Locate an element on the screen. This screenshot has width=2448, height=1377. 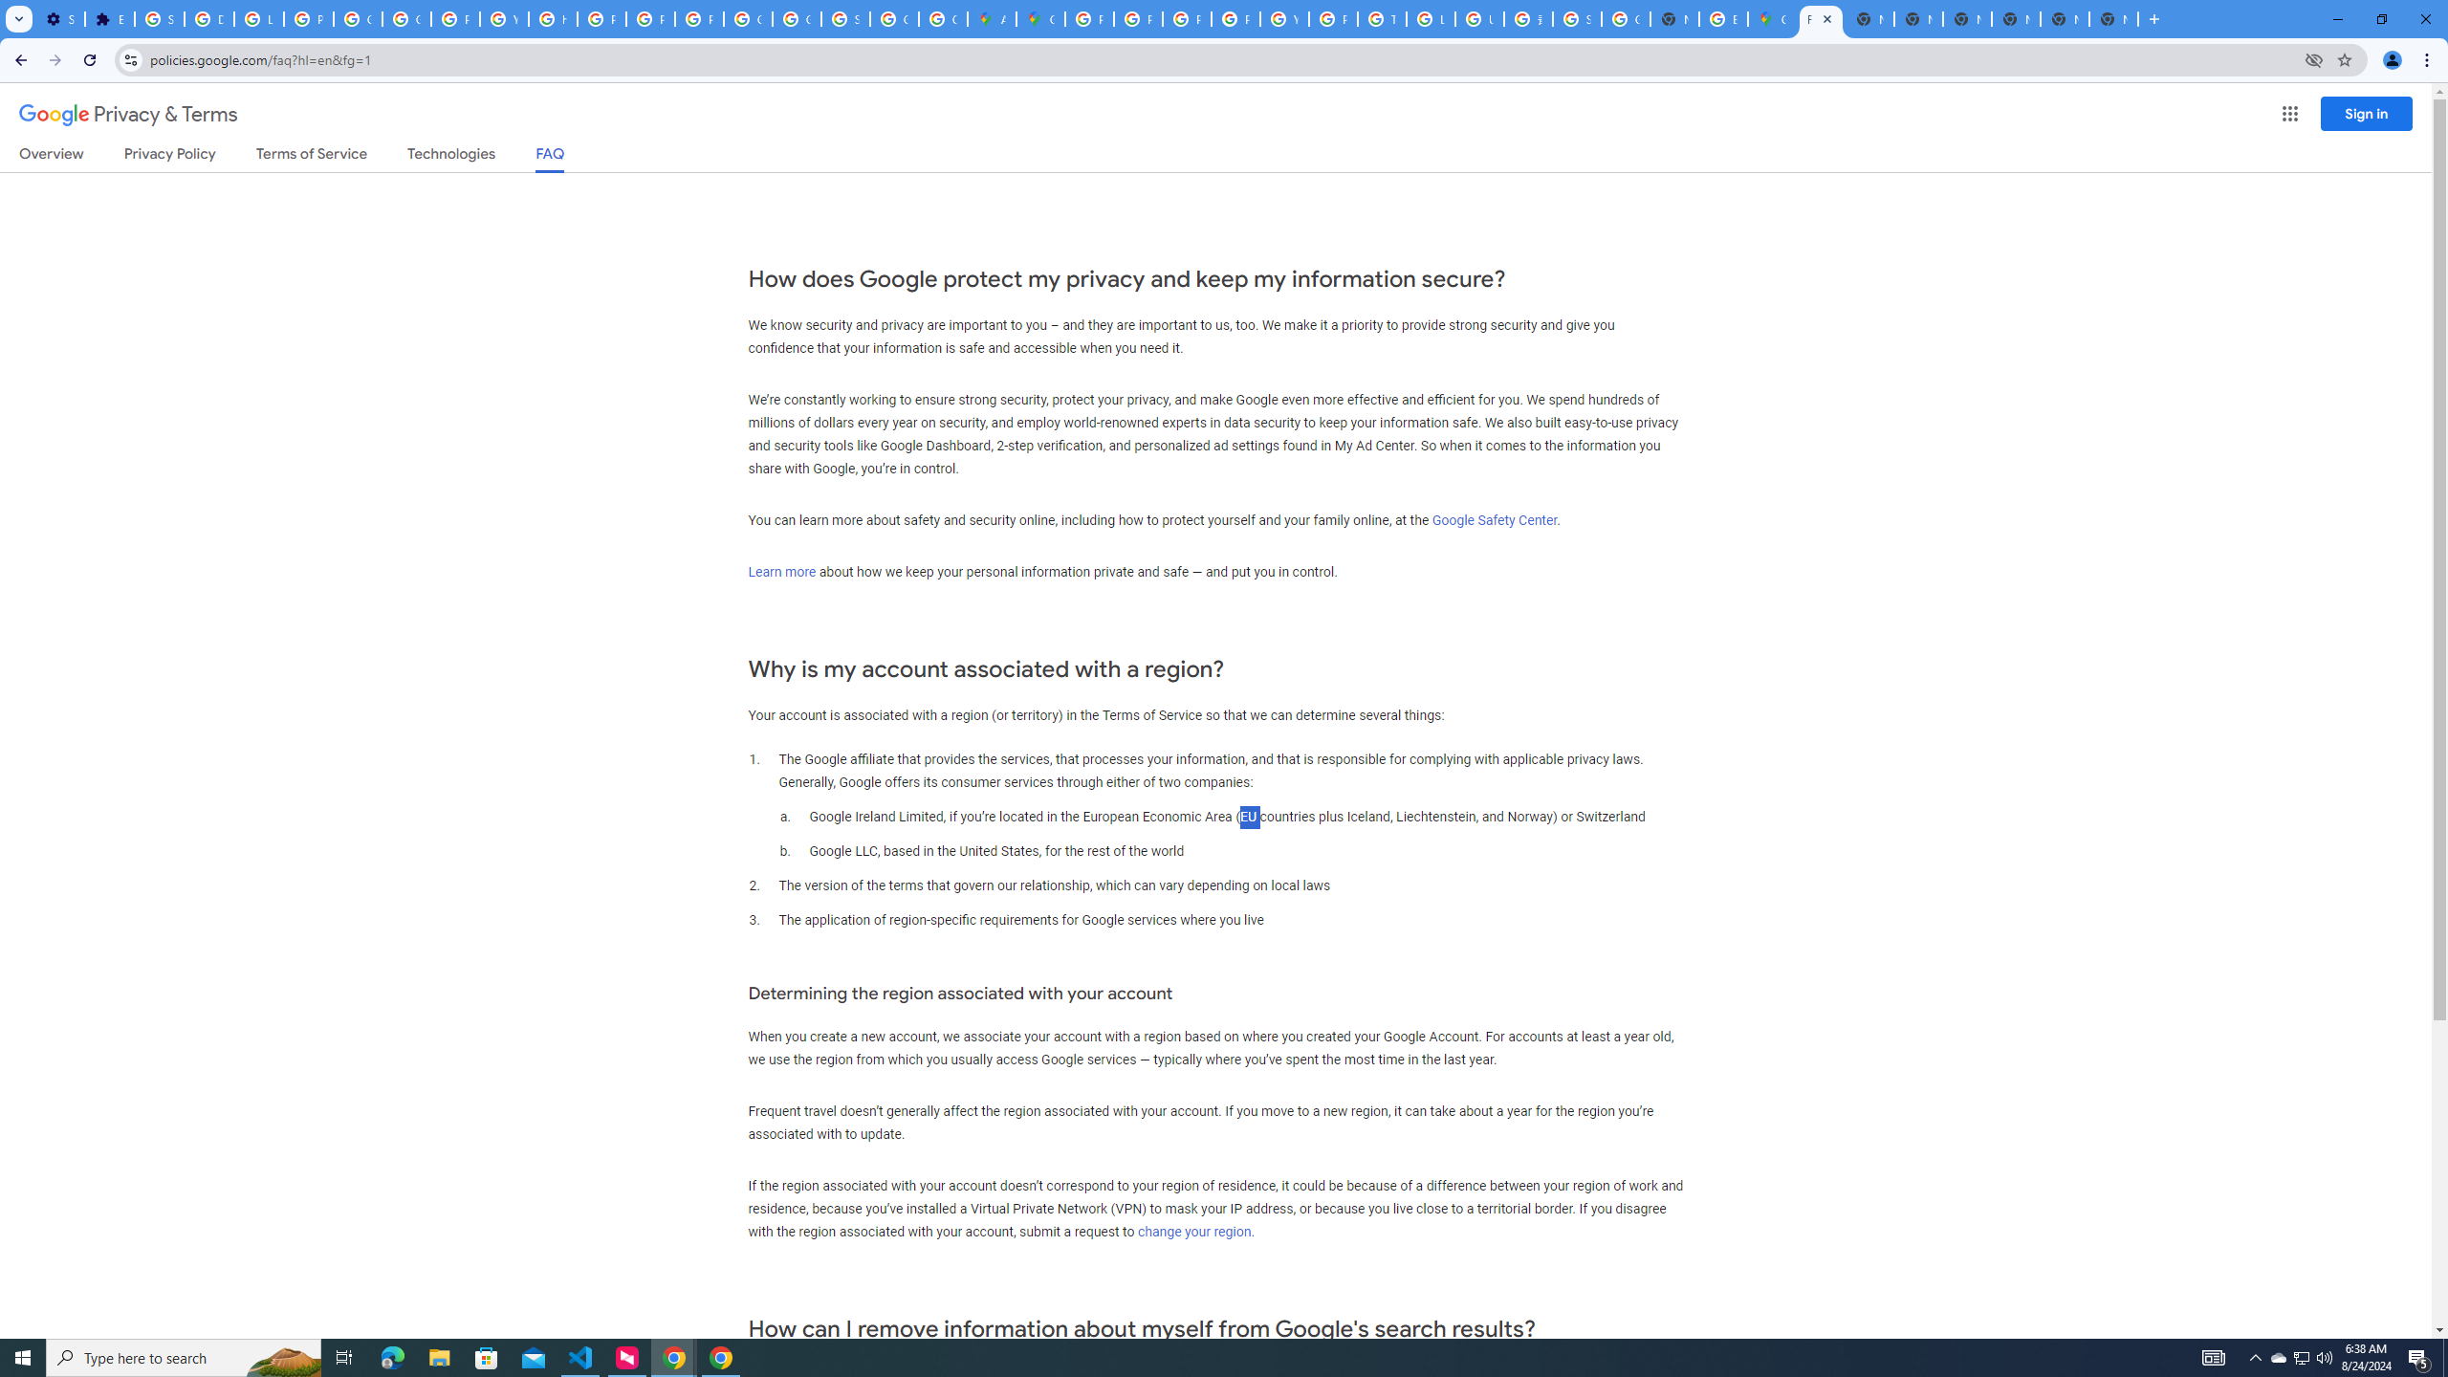
'change your region.' is located at coordinates (1195, 1231).